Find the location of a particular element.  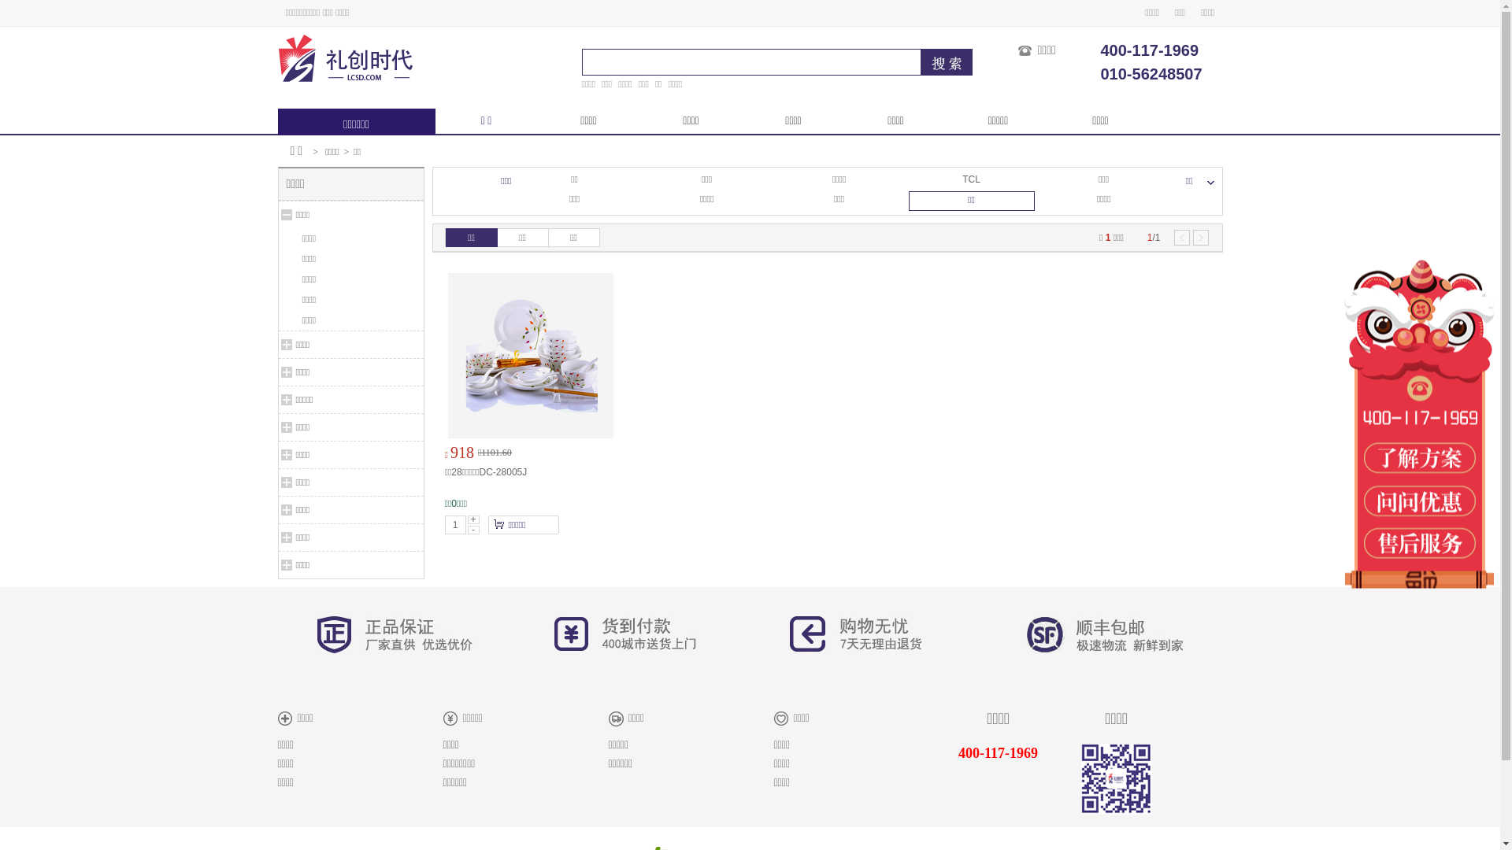

'TCL' is located at coordinates (970, 178).